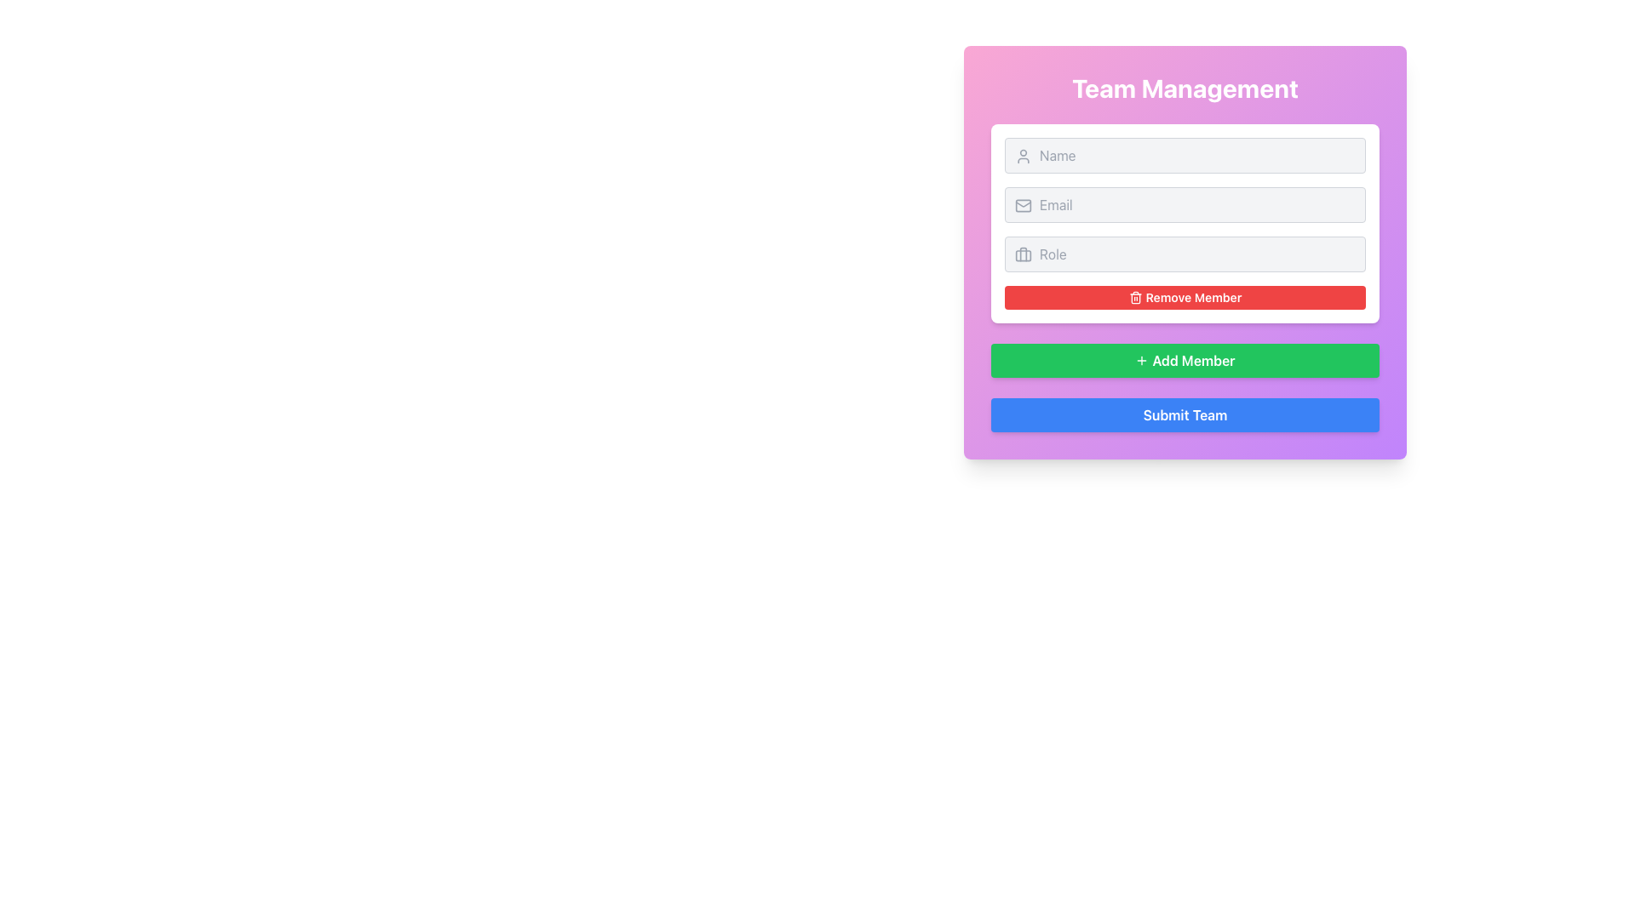 The width and height of the screenshot is (1635, 919). Describe the element at coordinates (1185, 360) in the screenshot. I see `the button that allows users to add a new member to the team, which is centrally aligned between the 'Remove Member' button above and the 'Submit Team' button below` at that location.